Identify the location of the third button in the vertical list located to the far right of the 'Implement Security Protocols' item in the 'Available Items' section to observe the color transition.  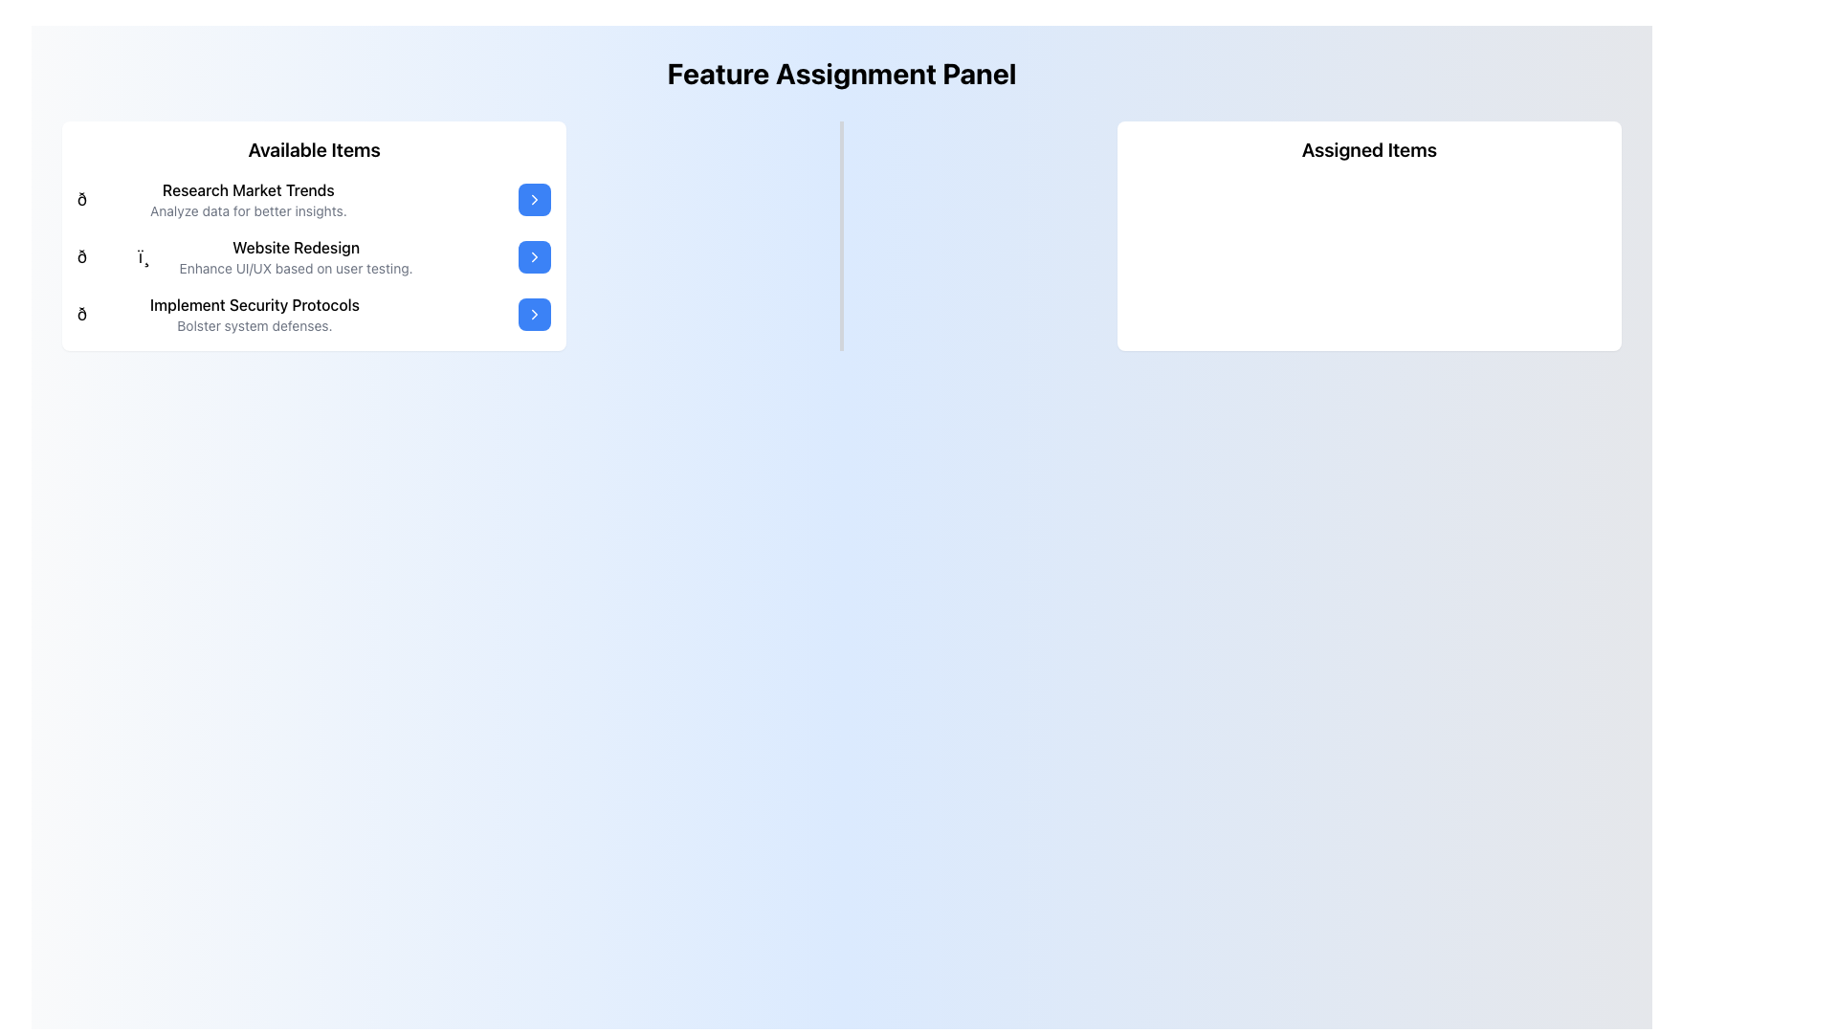
(535, 313).